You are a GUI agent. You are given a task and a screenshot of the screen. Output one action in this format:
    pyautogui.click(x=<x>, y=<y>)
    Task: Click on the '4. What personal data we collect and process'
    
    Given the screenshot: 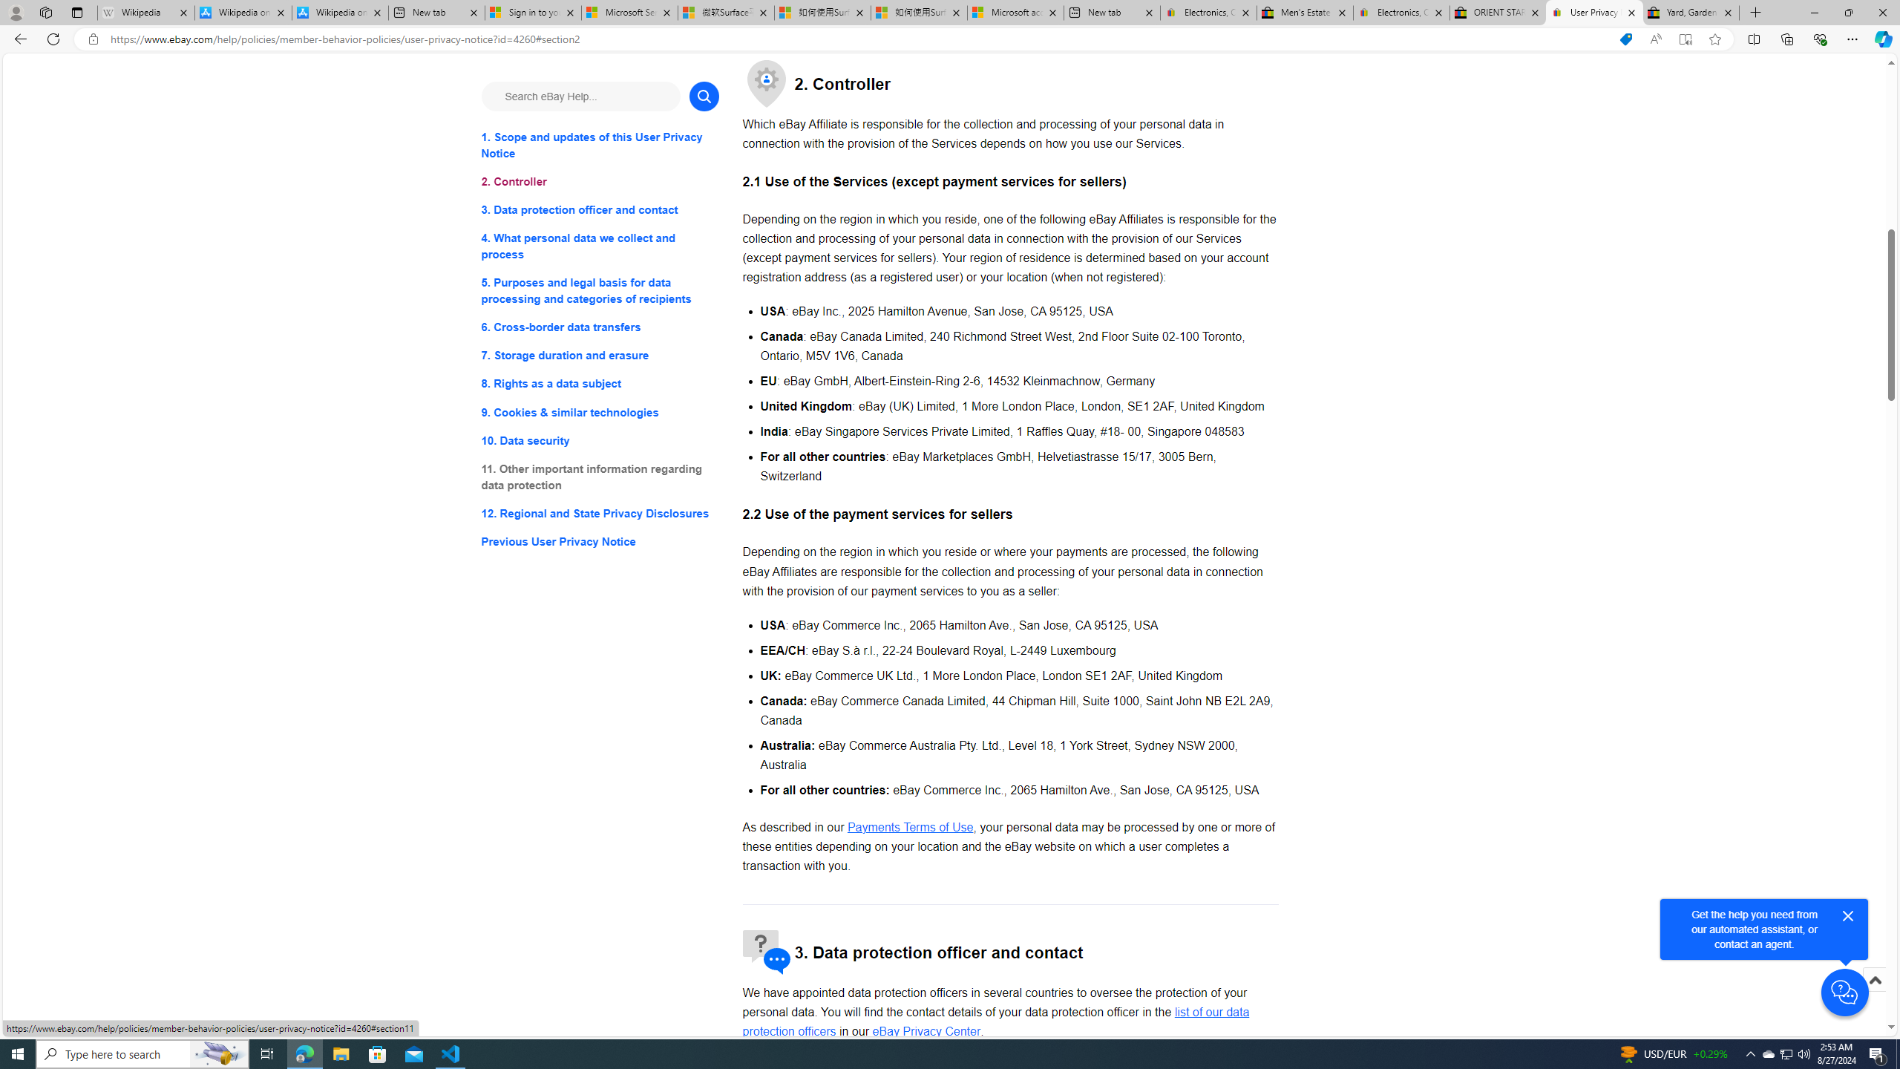 What is the action you would take?
    pyautogui.click(x=599, y=246)
    